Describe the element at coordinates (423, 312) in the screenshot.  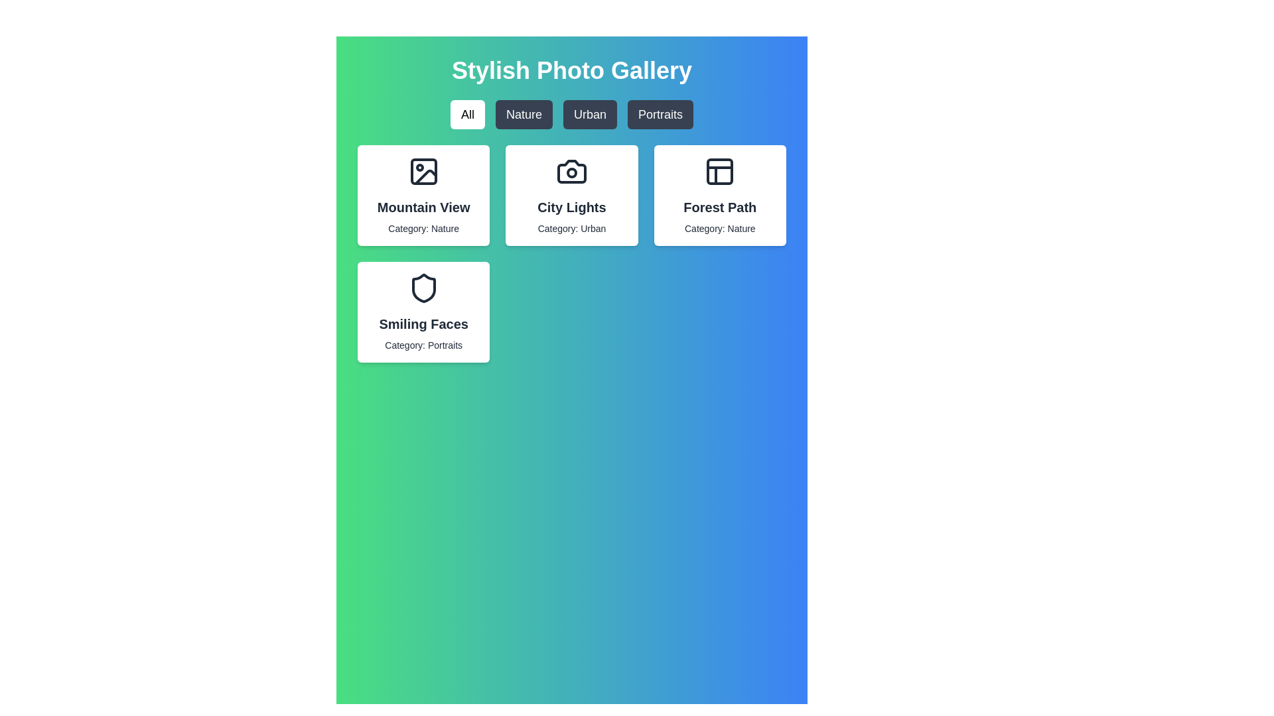
I see `the 'Smiling Faces' category card located at the bottom-left corner of the grid layout` at that location.